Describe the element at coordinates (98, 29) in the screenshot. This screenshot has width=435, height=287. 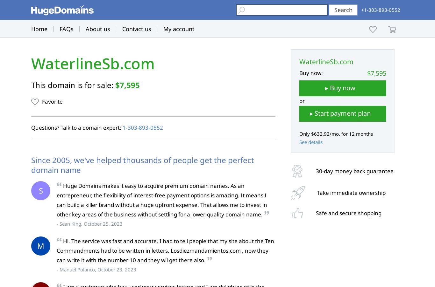
I see `'About us'` at that location.